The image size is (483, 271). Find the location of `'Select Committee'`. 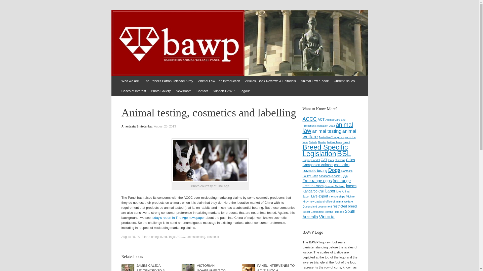

'Select Committee' is located at coordinates (312, 212).